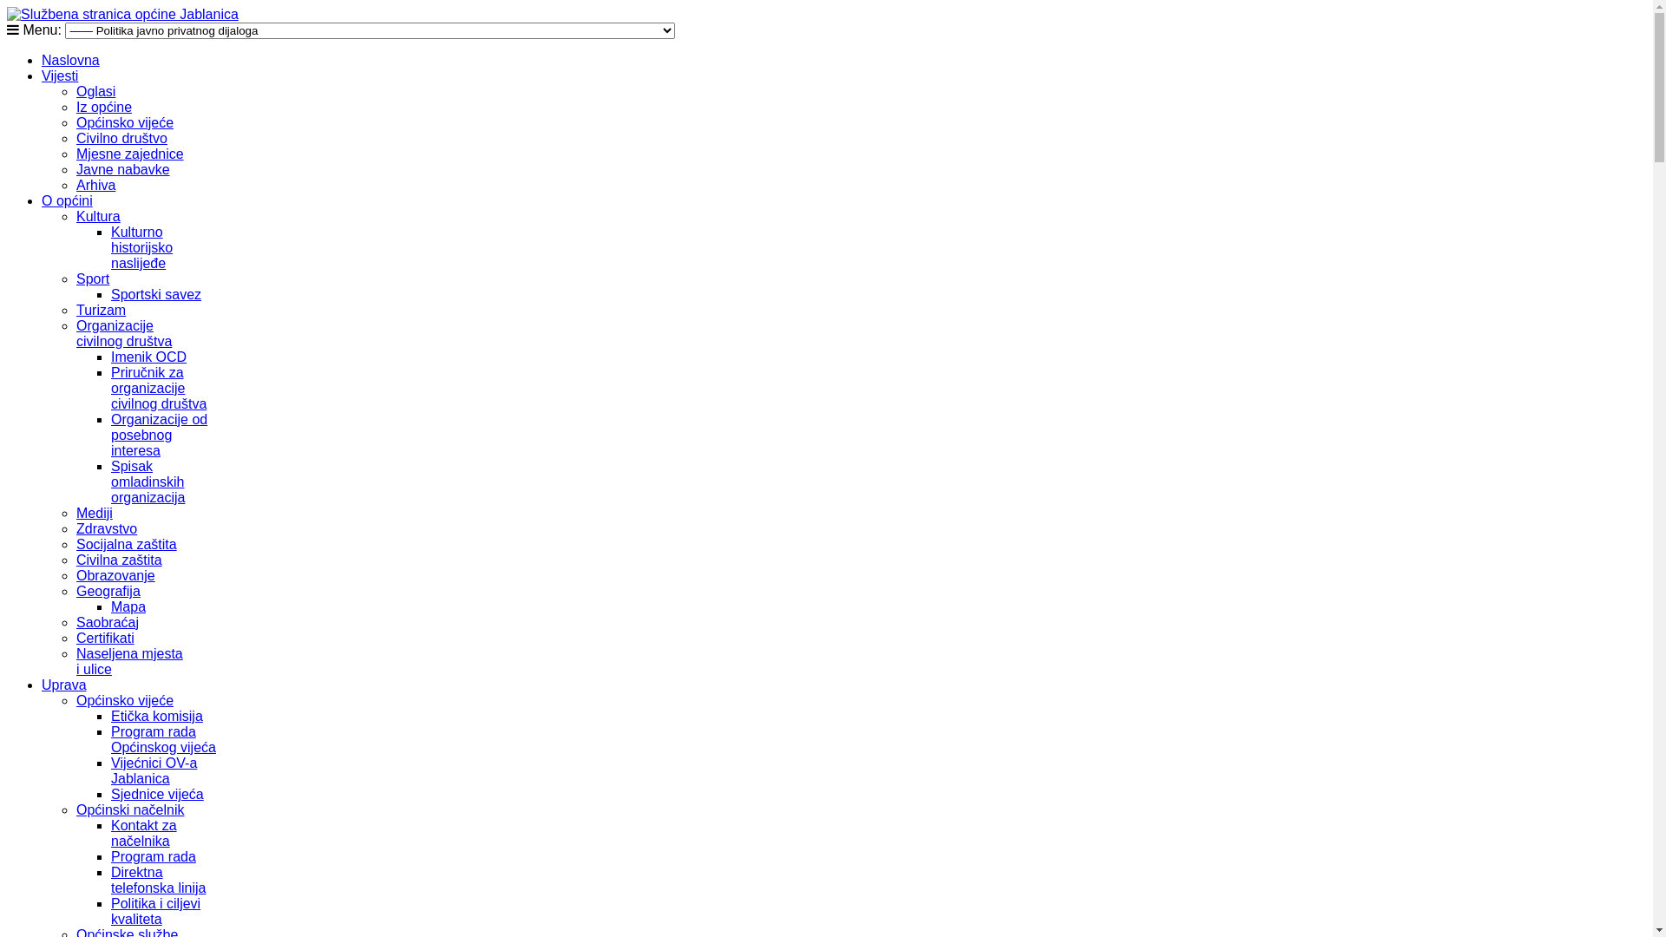 The width and height of the screenshot is (1666, 937). I want to click on 'Mapa', so click(110, 606).